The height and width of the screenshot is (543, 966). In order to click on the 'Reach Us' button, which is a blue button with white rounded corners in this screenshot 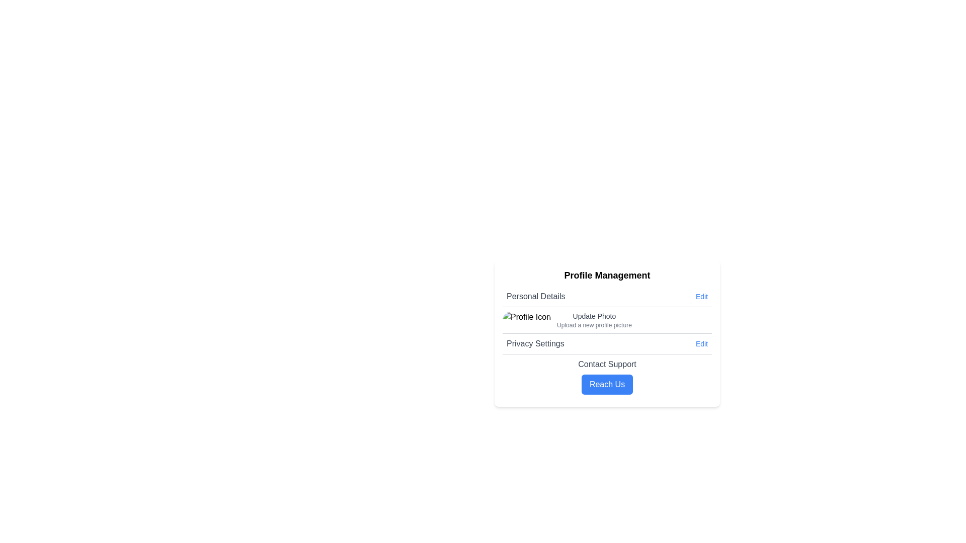, I will do `click(606, 384)`.